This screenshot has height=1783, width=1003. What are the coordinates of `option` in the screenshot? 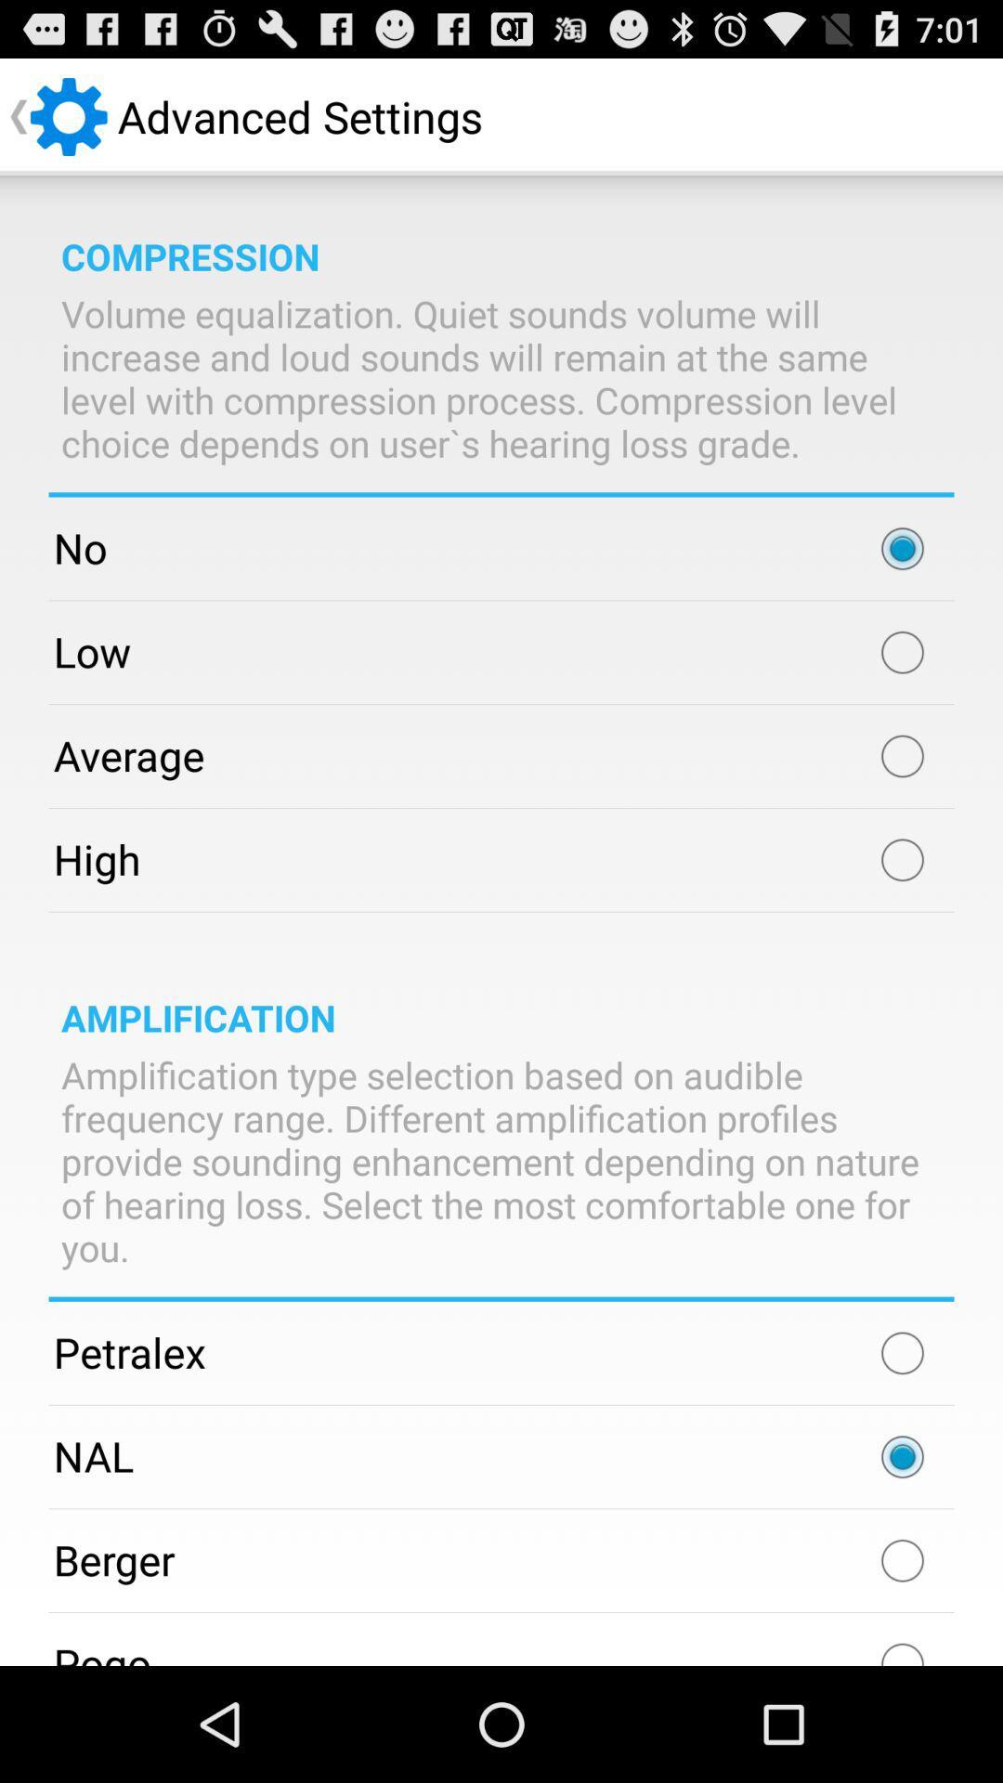 It's located at (902, 1456).